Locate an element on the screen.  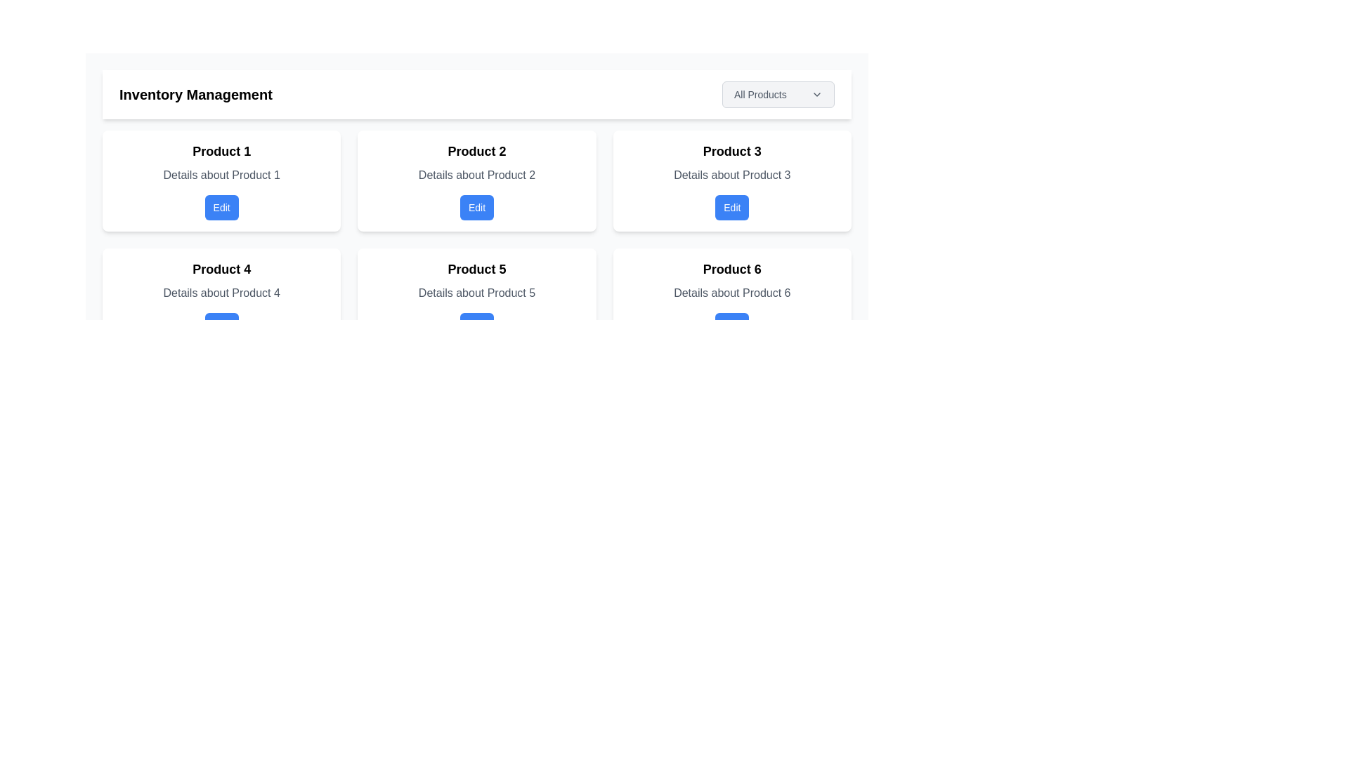
the label indicating 'Product 5', which serves as the header for the product card in the second row, third column of the grid layout is located at coordinates (476, 270).